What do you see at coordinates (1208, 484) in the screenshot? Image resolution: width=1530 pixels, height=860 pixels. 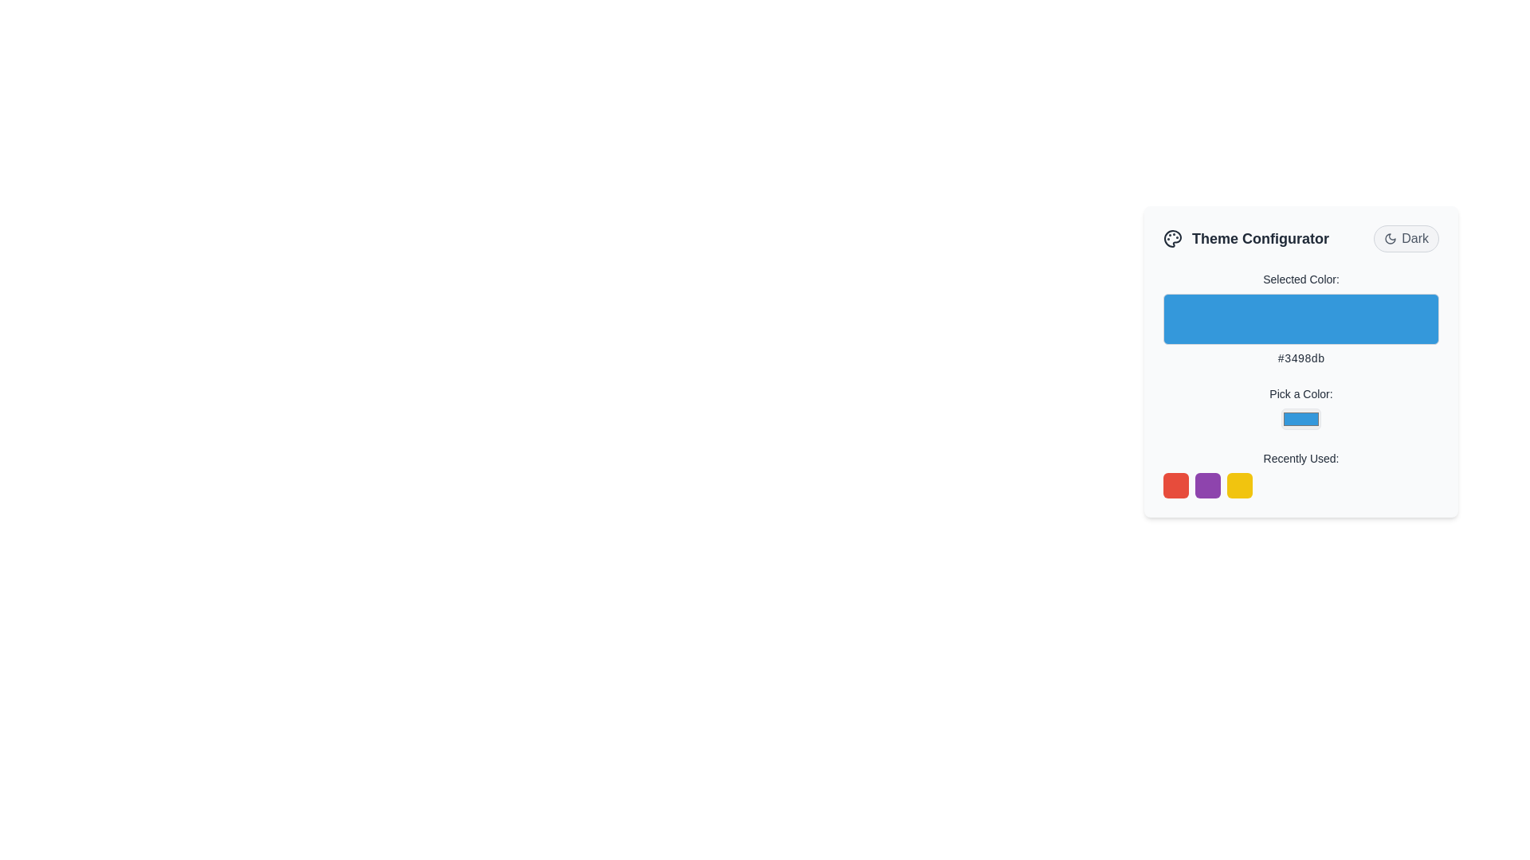 I see `the purple color selection button located as the second element in a row of three square-shaped colors within the 'Recently Used' section of the 'Theme Configurator' pop-up interface` at bounding box center [1208, 484].